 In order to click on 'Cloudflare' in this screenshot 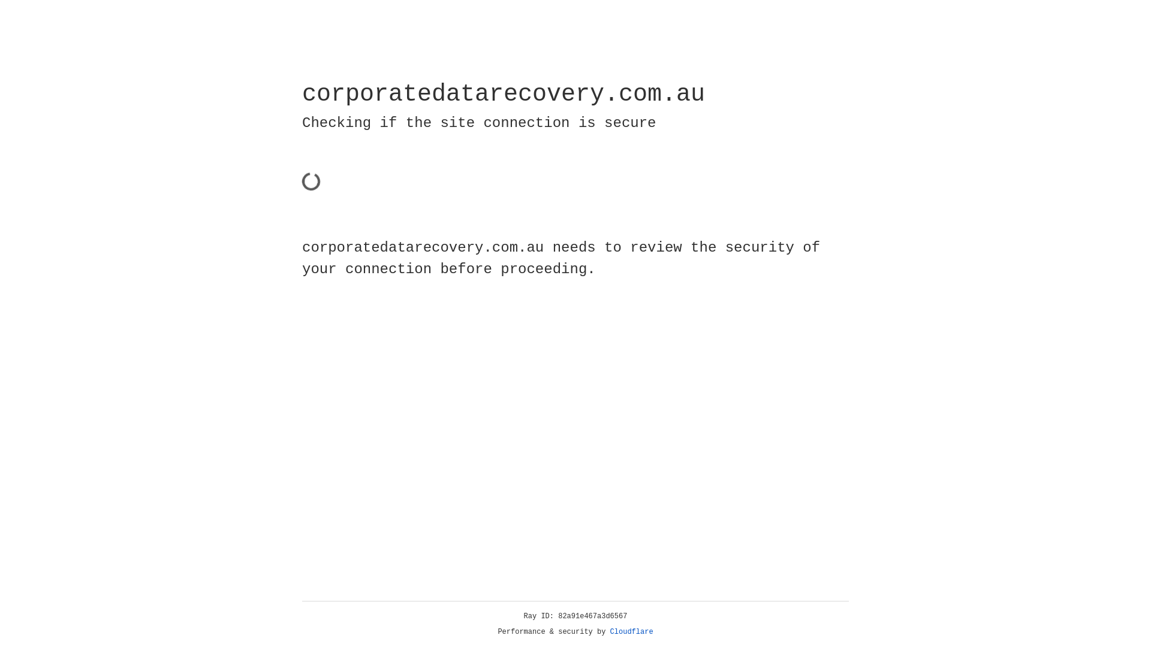, I will do `click(610, 631)`.